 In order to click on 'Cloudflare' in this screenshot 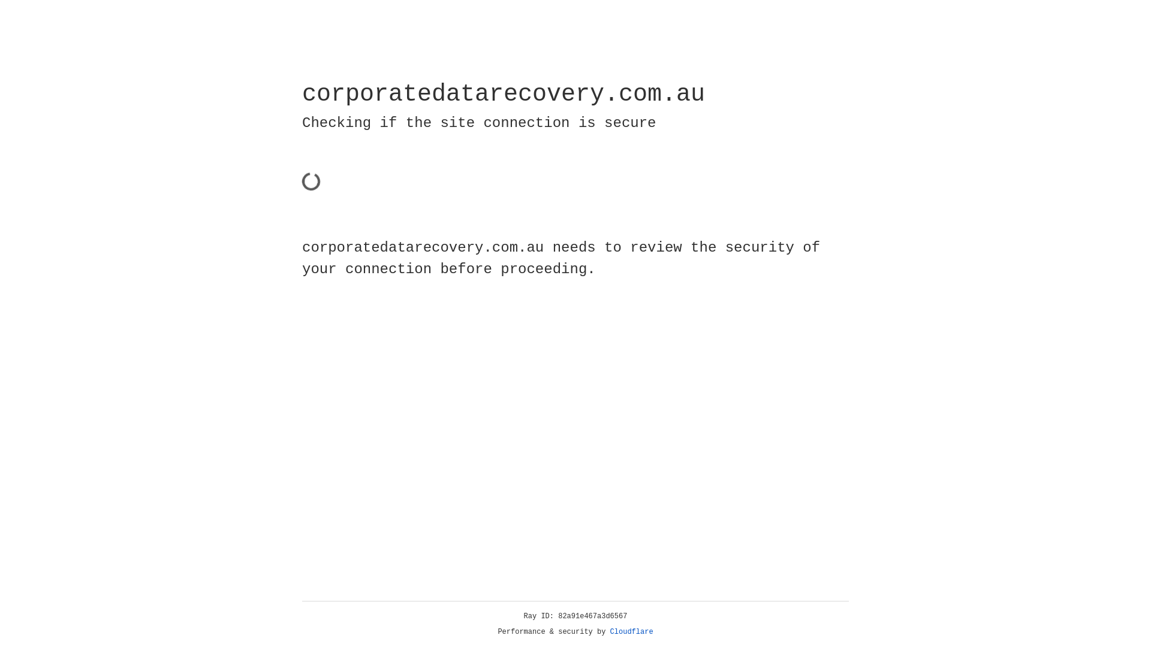, I will do `click(610, 631)`.